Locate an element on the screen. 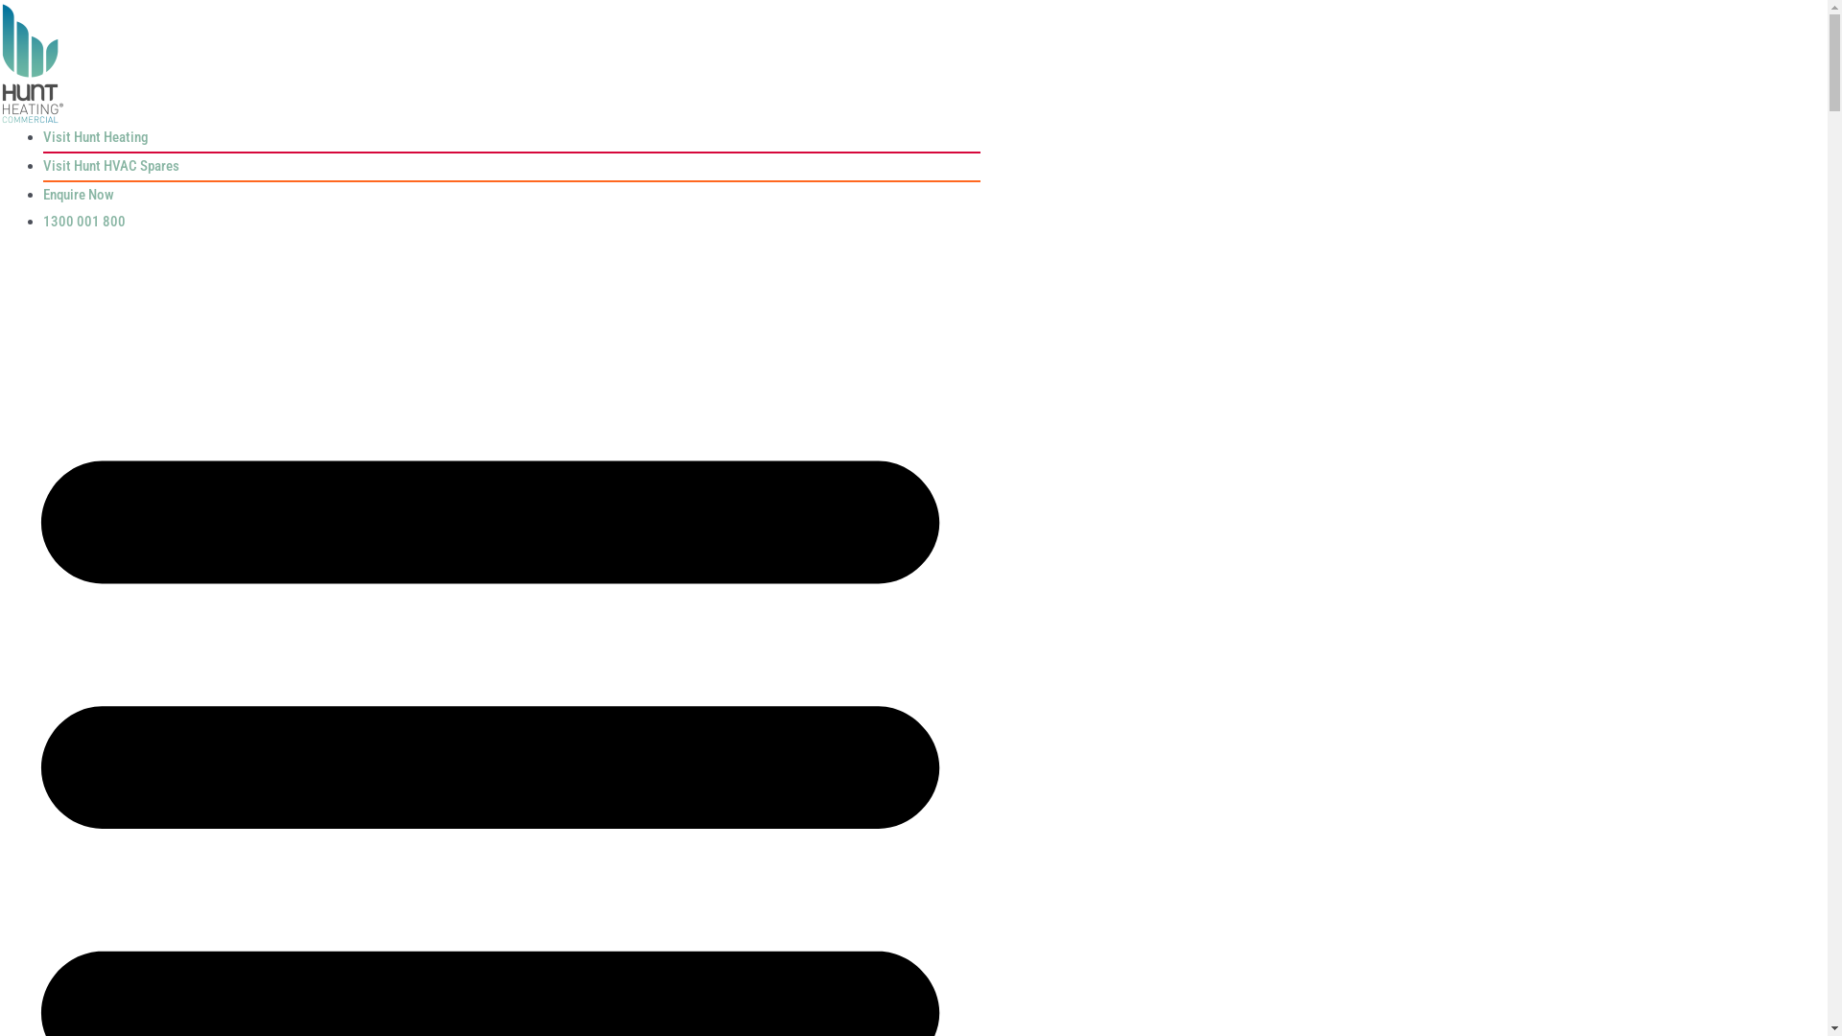  '1300 001 800' is located at coordinates (83, 221).